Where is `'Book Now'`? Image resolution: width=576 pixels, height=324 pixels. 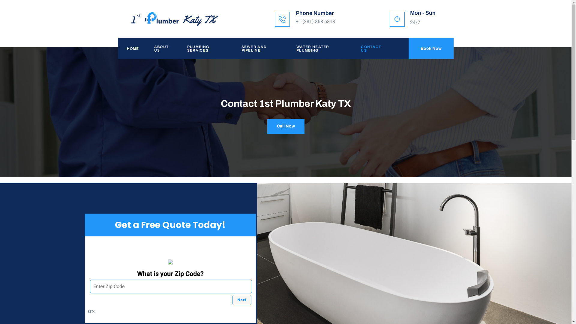
'Book Now' is located at coordinates (430, 48).